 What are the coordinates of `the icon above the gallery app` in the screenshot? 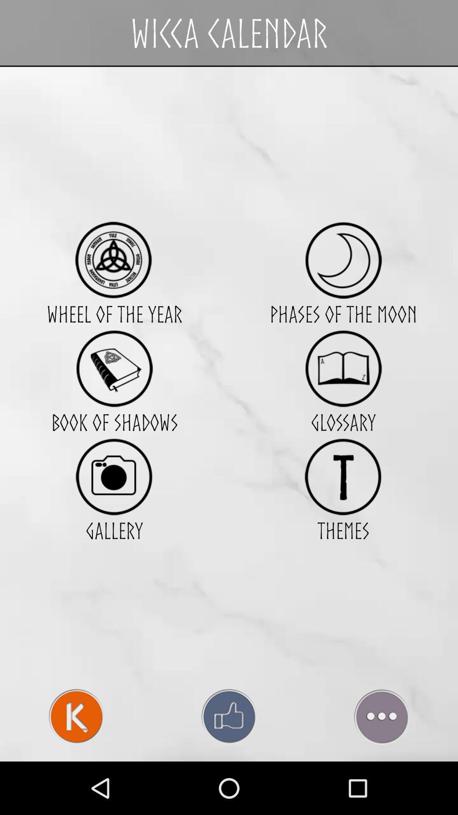 It's located at (114, 477).